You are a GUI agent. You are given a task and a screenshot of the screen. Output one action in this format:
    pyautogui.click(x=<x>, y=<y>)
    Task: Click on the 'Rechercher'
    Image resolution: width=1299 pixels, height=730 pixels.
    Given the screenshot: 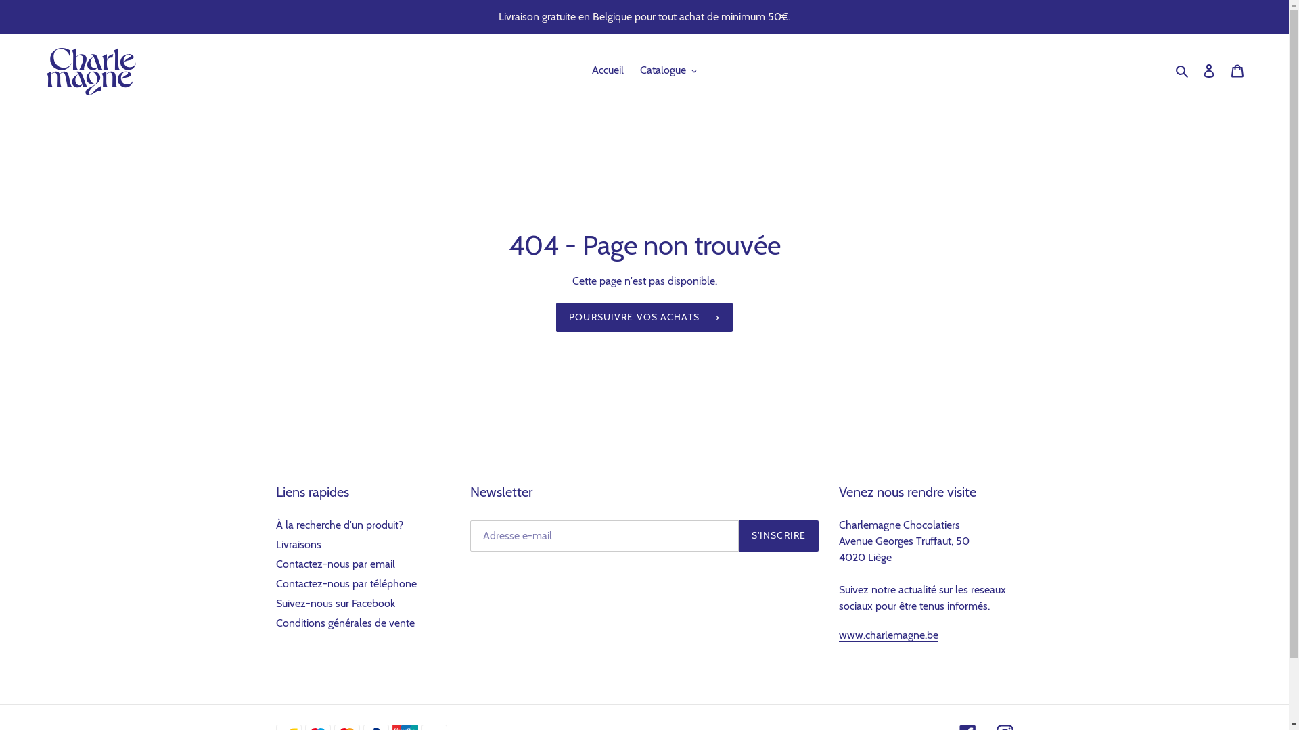 What is the action you would take?
    pyautogui.click(x=1182, y=70)
    